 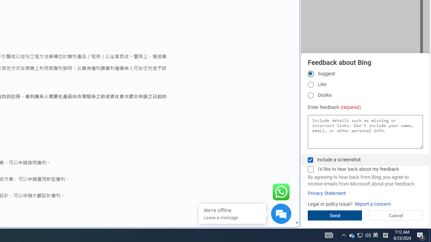 What do you see at coordinates (310, 84) in the screenshot?
I see `'Like'` at bounding box center [310, 84].